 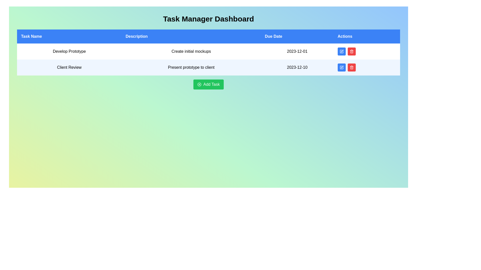 What do you see at coordinates (341, 67) in the screenshot?
I see `the edit button located in the 'Actions' column of the second row of the table` at bounding box center [341, 67].